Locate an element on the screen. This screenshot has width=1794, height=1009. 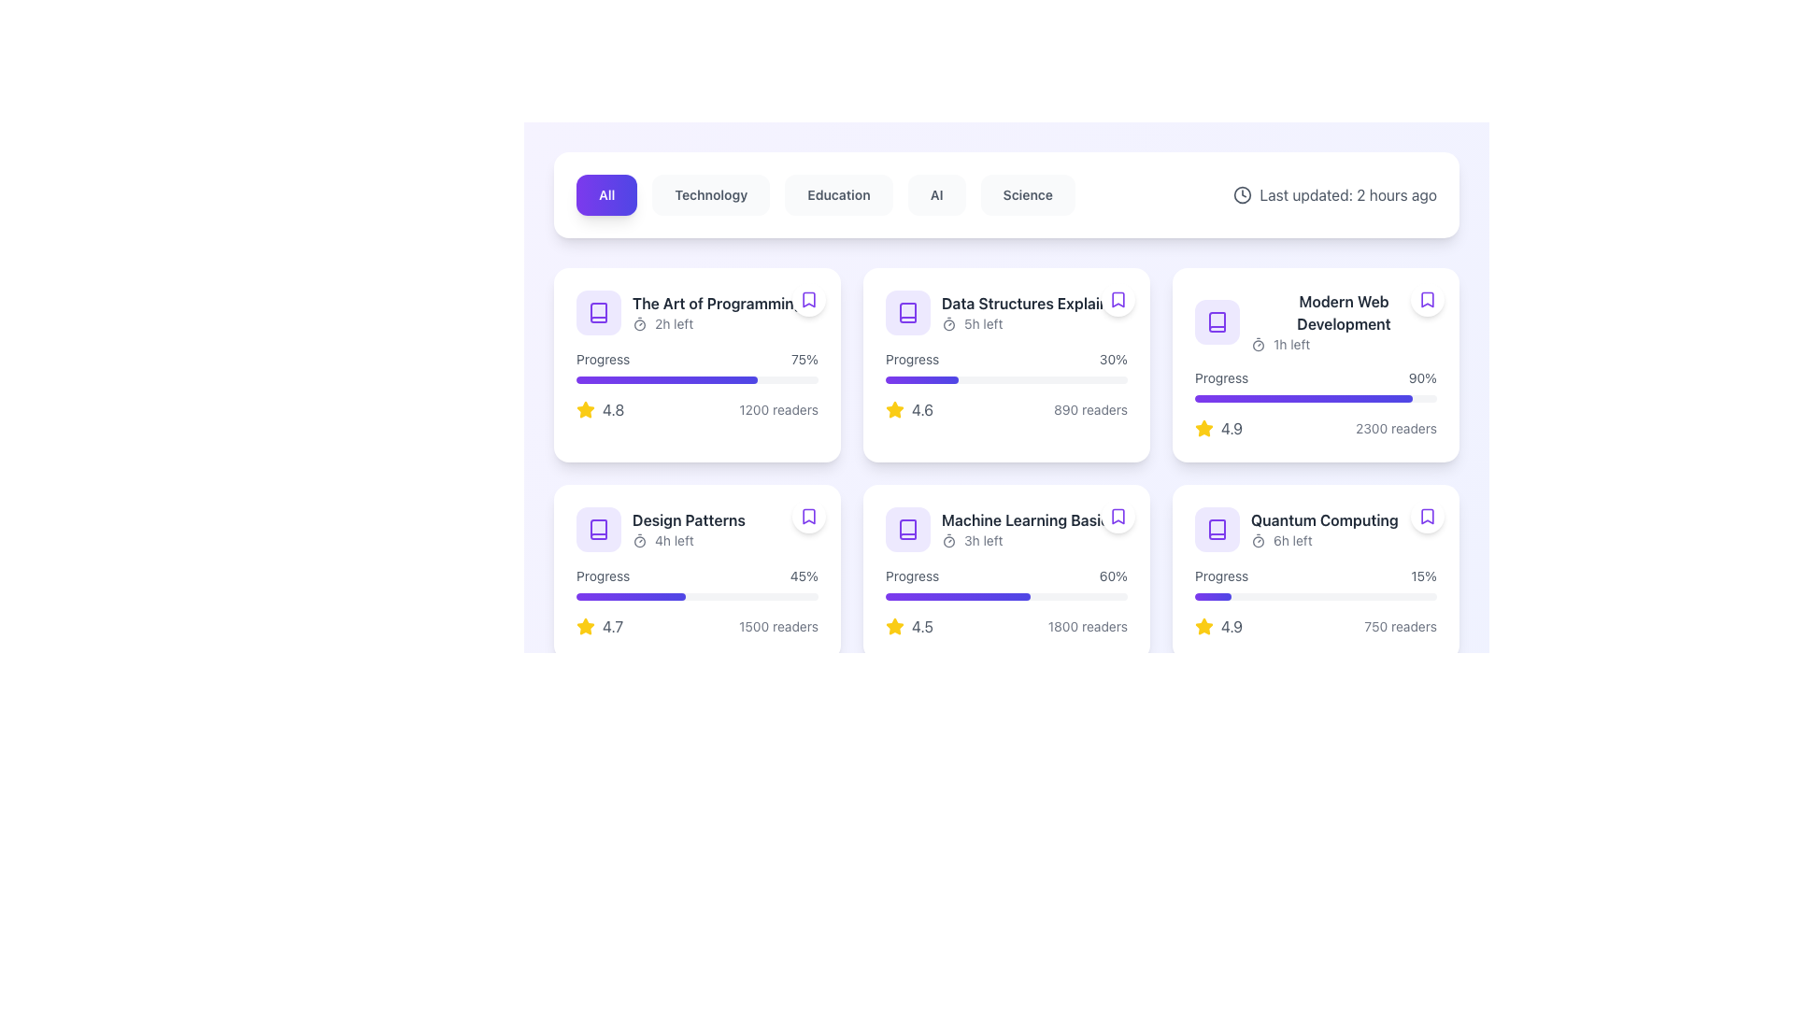
the purple book icon located in the 'Machine Learning Basics' card to interact with it is located at coordinates (907, 530).